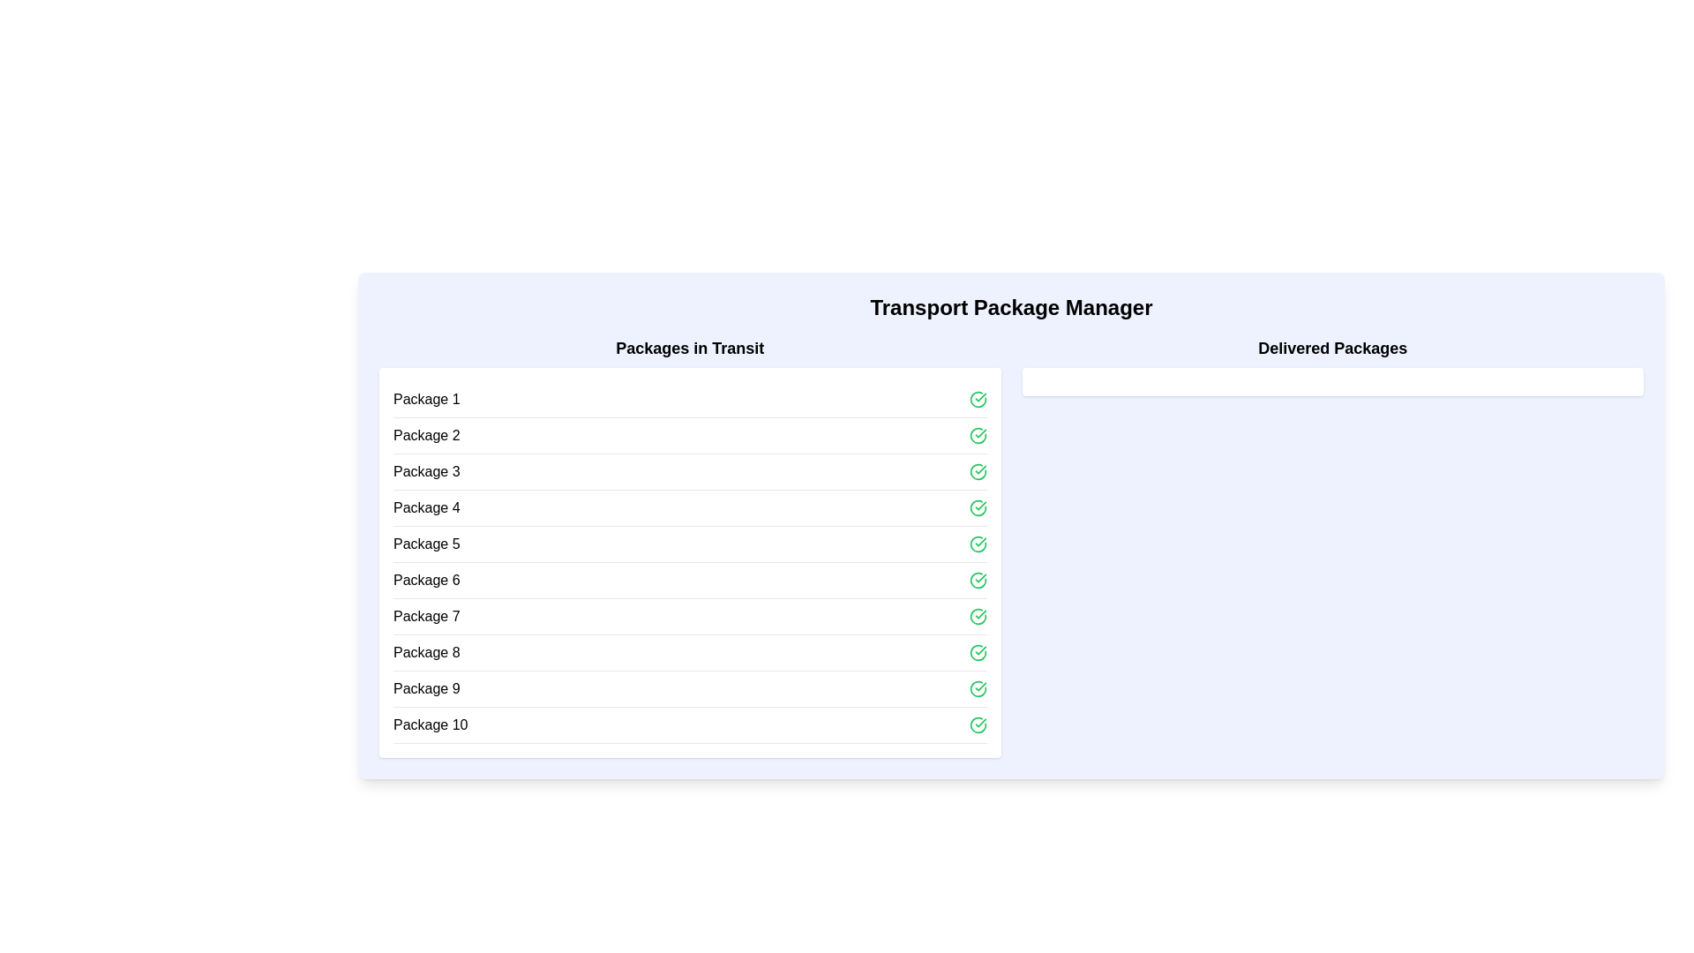 Image resolution: width=1694 pixels, height=953 pixels. What do you see at coordinates (689, 725) in the screenshot?
I see `the last list item labeled 'Package 10' in the 'Packages in Transit' column` at bounding box center [689, 725].